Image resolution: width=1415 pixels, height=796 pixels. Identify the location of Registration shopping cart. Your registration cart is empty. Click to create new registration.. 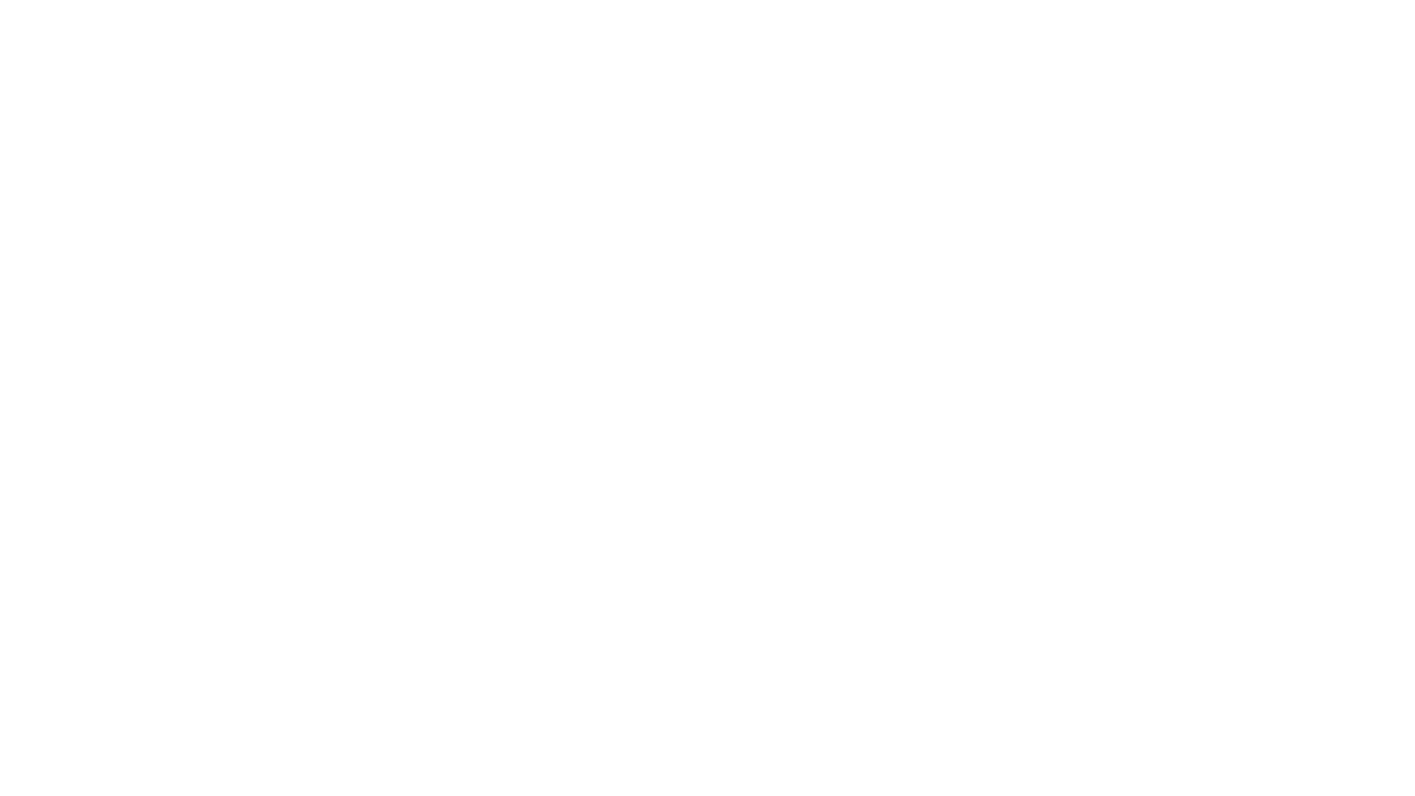
(1101, 41).